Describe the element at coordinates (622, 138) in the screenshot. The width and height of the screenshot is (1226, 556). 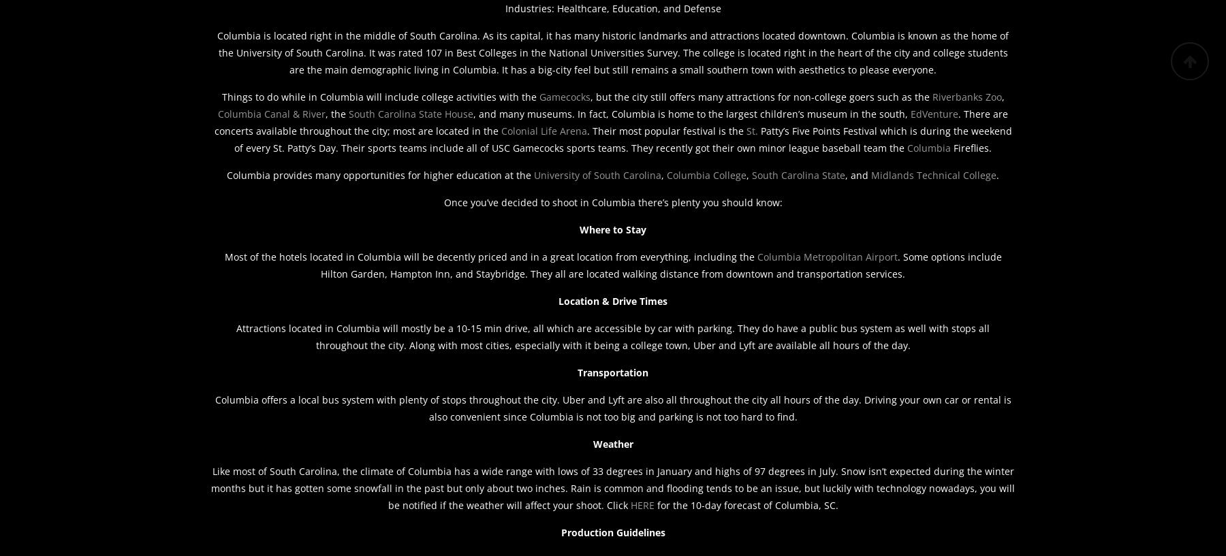
I see `'Festival which is during the weekend of every St. Patty’s Day. Their sports teams include all of USC Gamecocks sports teams. They recently got their own minor league baseball team the'` at that location.